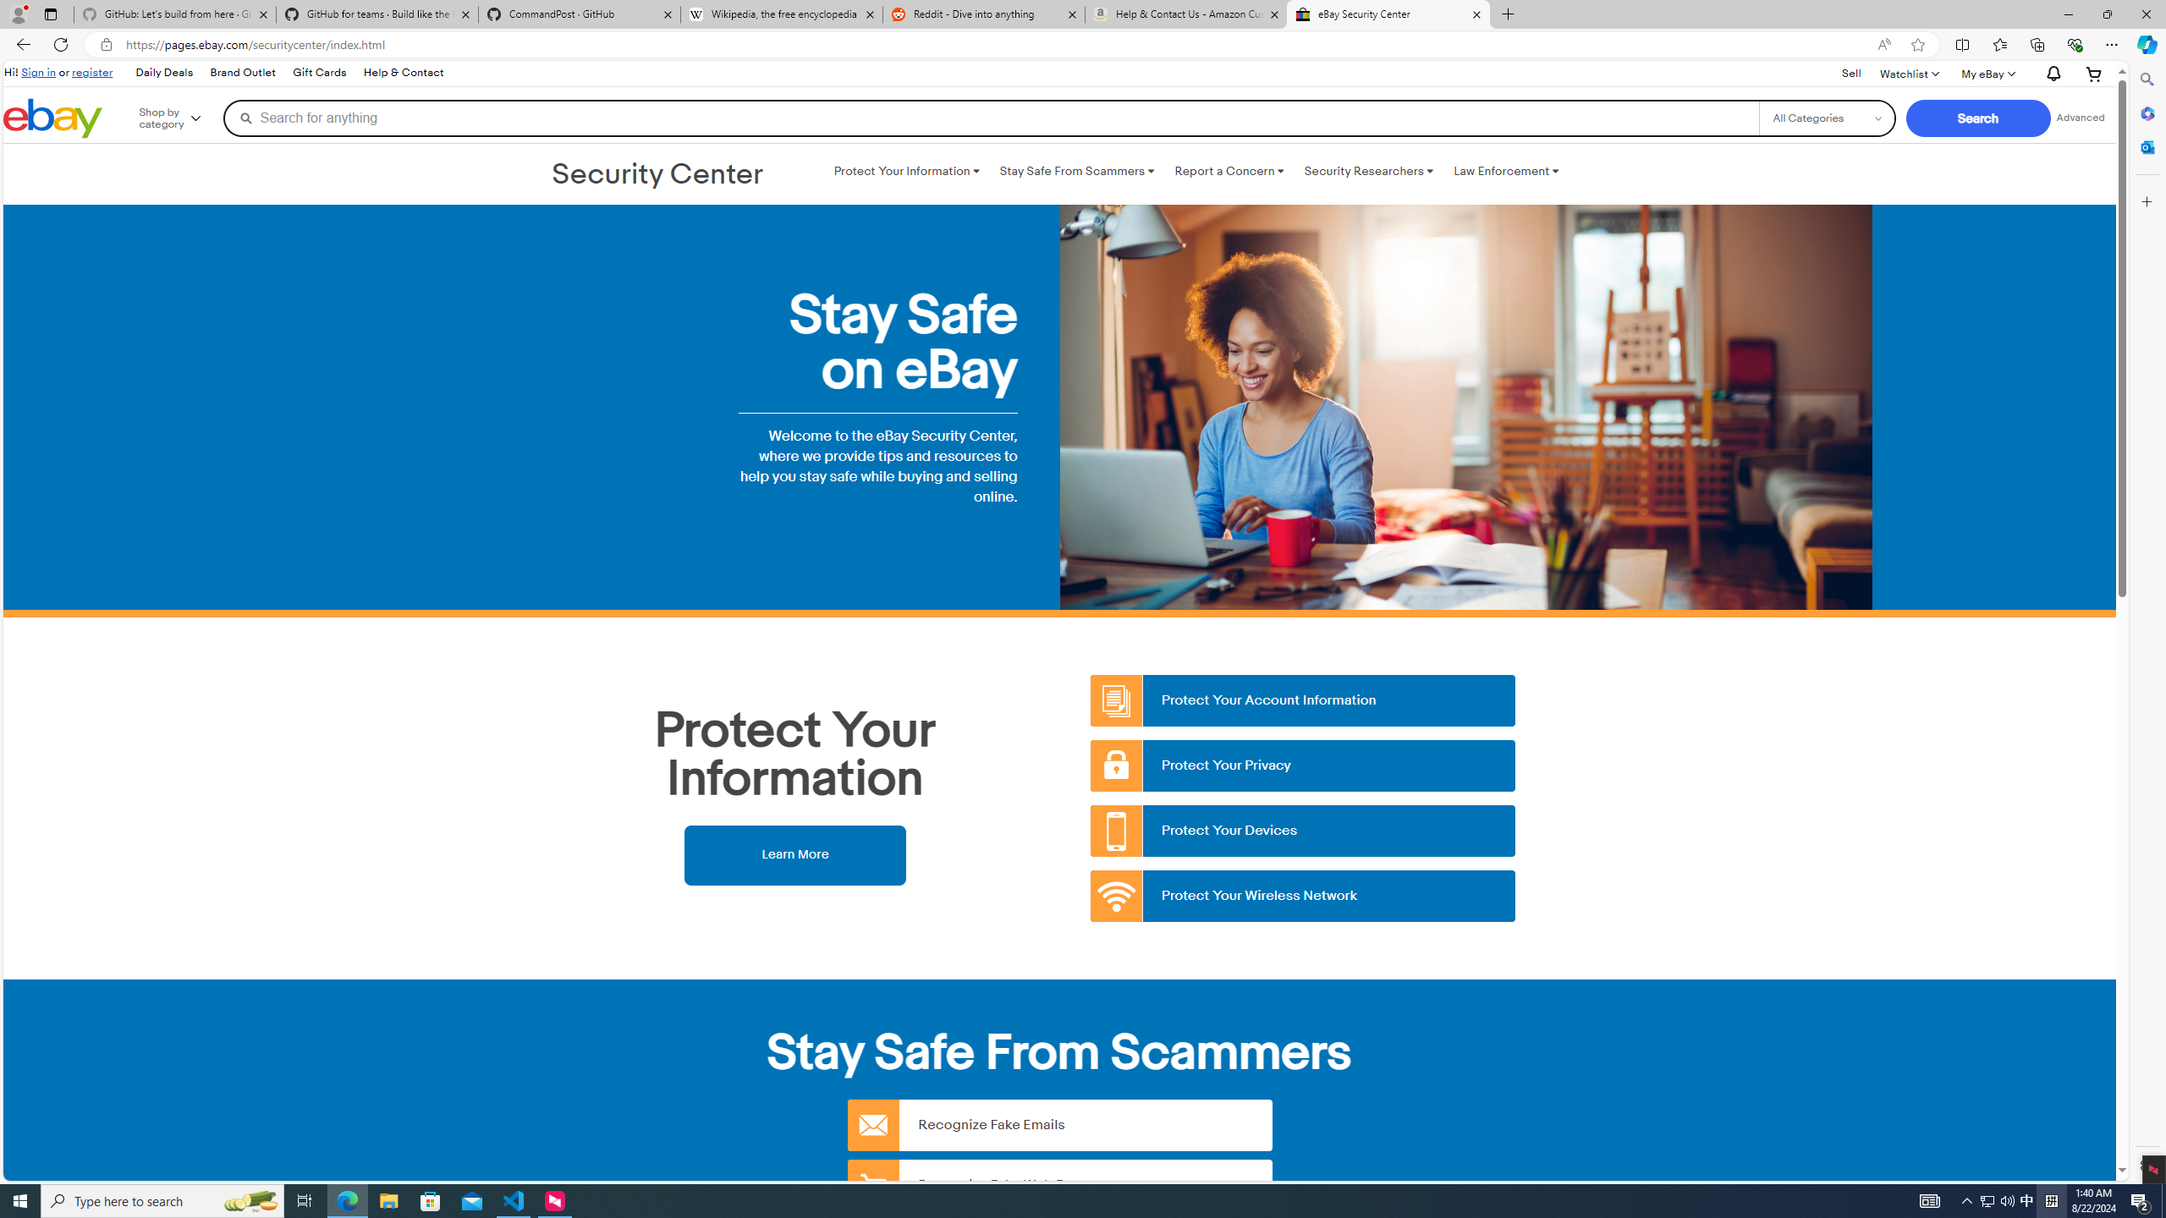 This screenshot has height=1218, width=2166. What do you see at coordinates (1987, 74) in the screenshot?
I see `'My eBay'` at bounding box center [1987, 74].